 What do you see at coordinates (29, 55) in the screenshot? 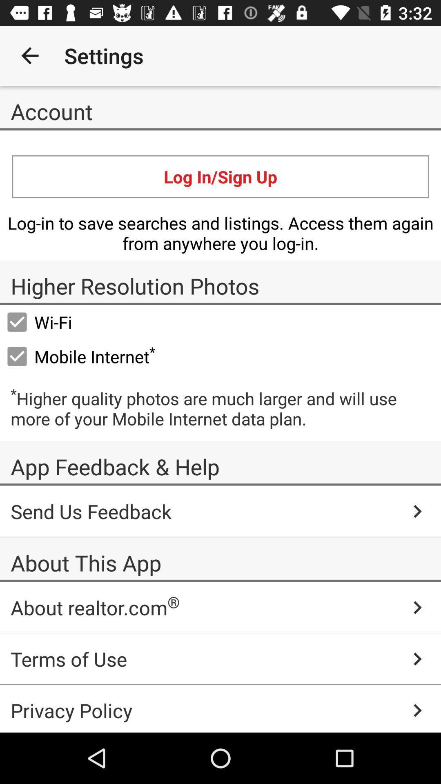
I see `previous` at bounding box center [29, 55].